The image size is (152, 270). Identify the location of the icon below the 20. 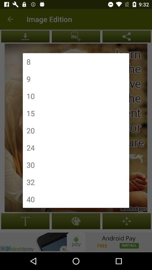
(30, 147).